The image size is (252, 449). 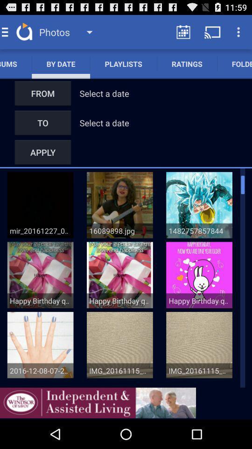 What do you see at coordinates (98, 402) in the screenshot?
I see `advertisement website` at bounding box center [98, 402].